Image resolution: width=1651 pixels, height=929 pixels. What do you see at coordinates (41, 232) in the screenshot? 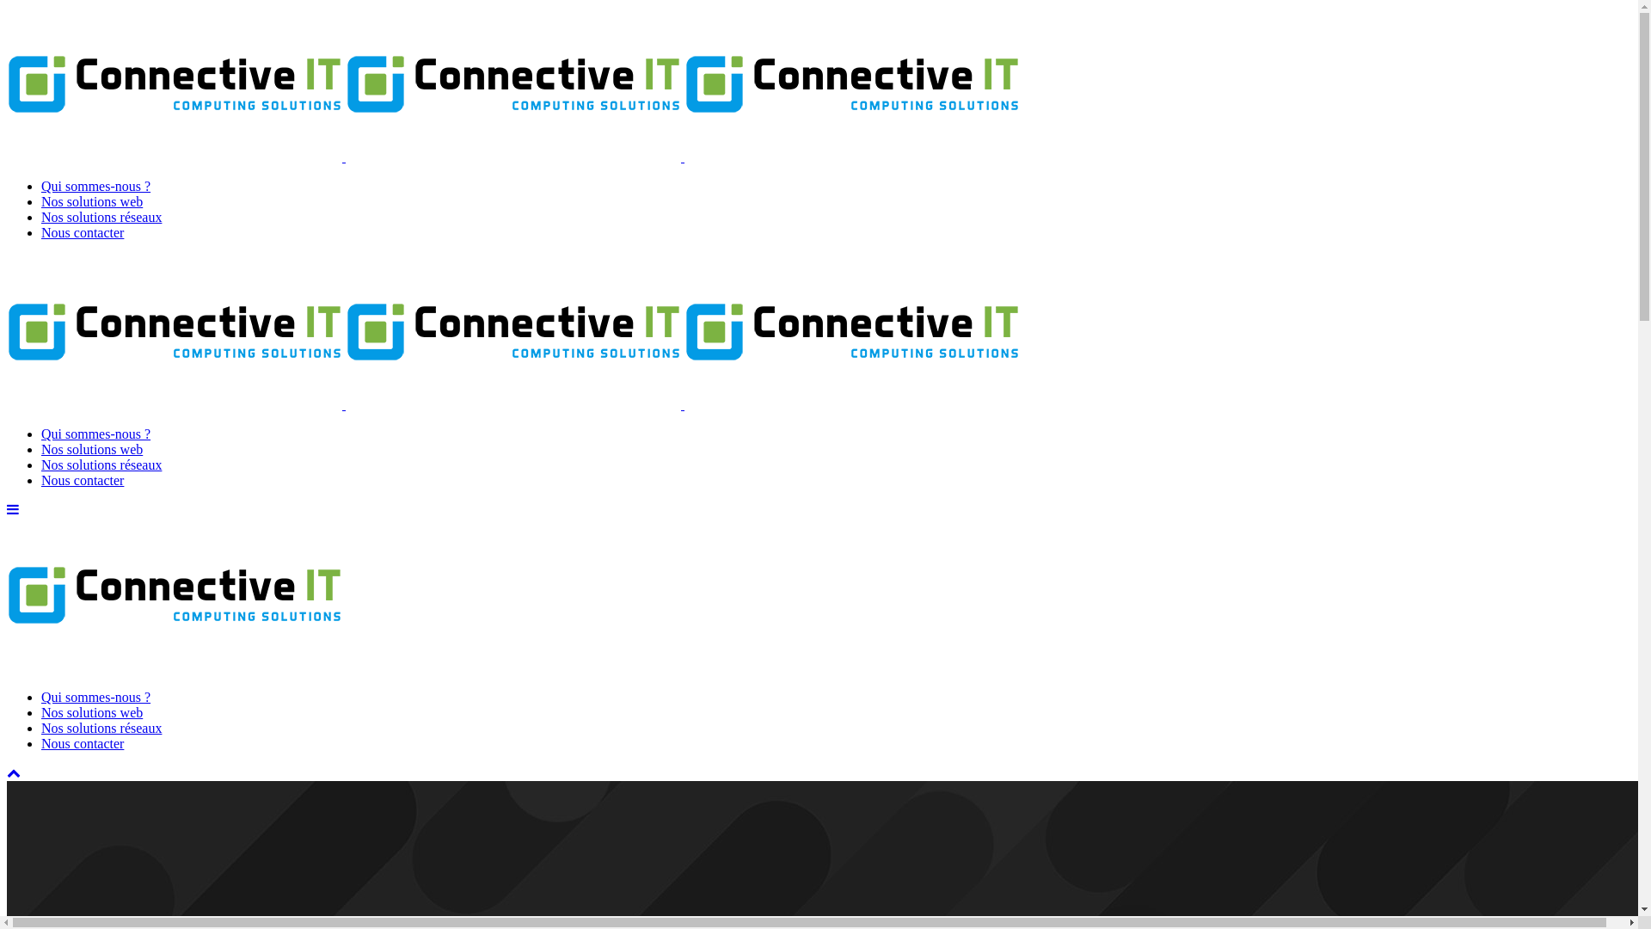
I see `'Nous contacter'` at bounding box center [41, 232].